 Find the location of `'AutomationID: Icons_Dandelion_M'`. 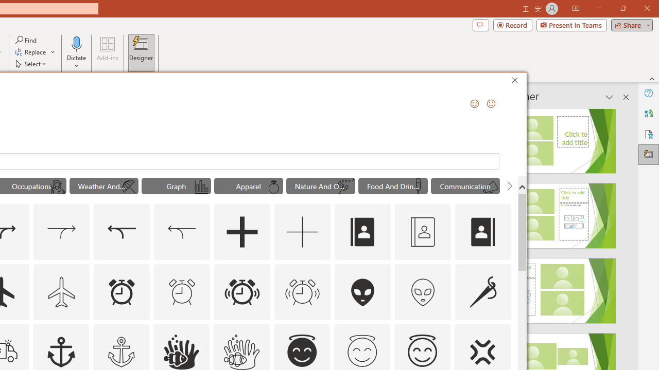

'AutomationID: Icons_Dandelion_M' is located at coordinates (346, 187).